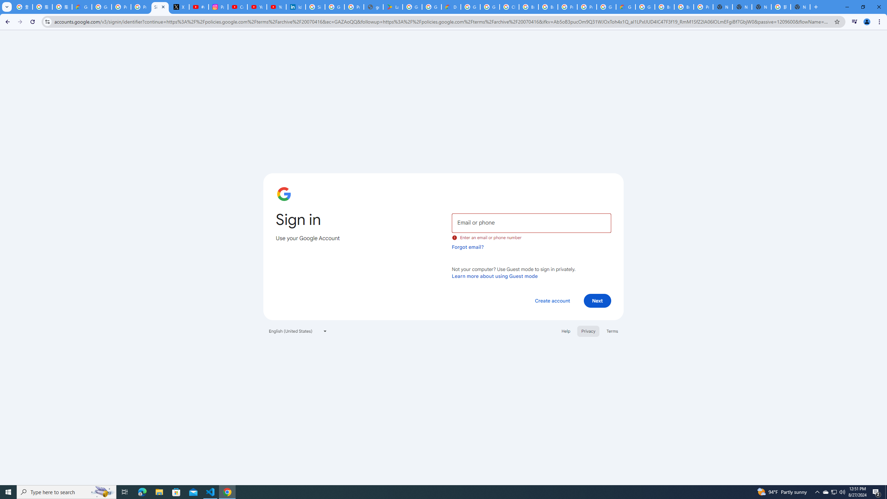 The height and width of the screenshot is (499, 887). What do you see at coordinates (664, 7) in the screenshot?
I see `'Browse Chrome as a guest - Computer - Google Chrome Help'` at bounding box center [664, 7].